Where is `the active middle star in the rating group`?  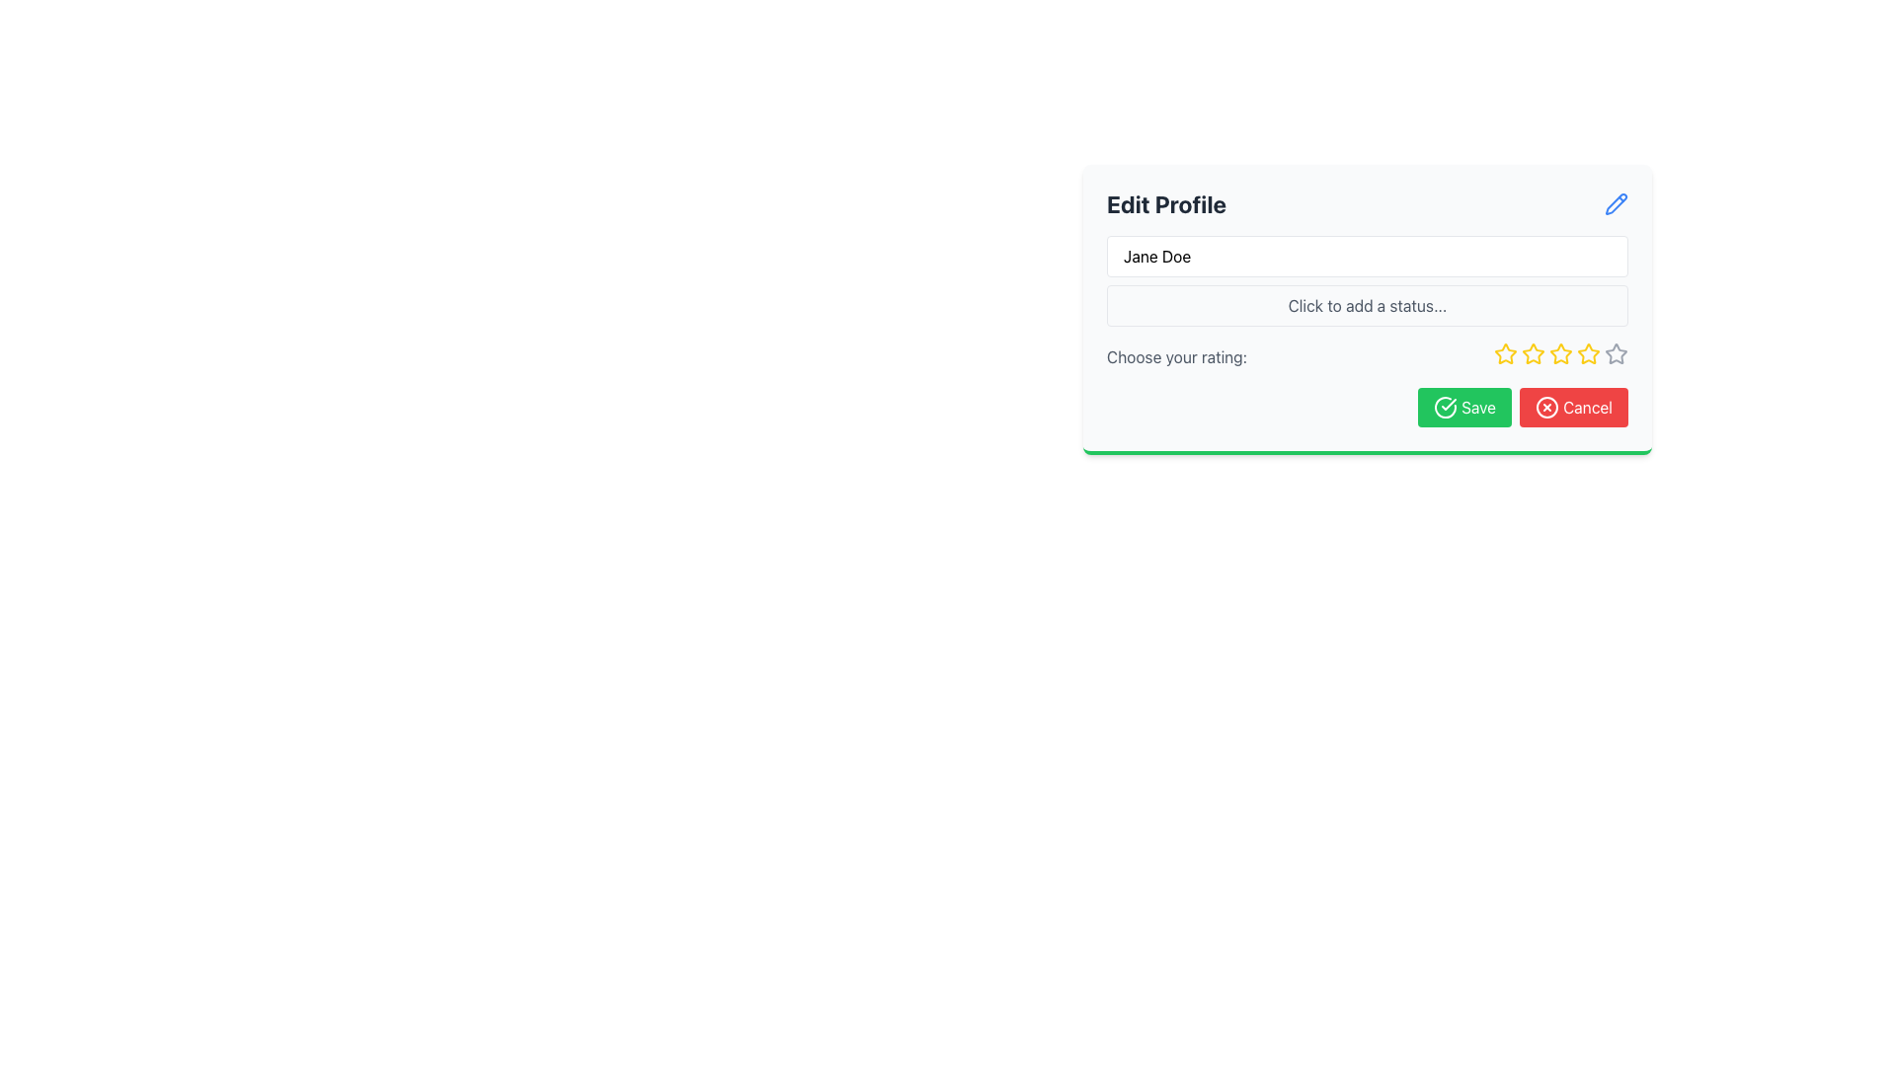 the active middle star in the rating group is located at coordinates (1559, 357).